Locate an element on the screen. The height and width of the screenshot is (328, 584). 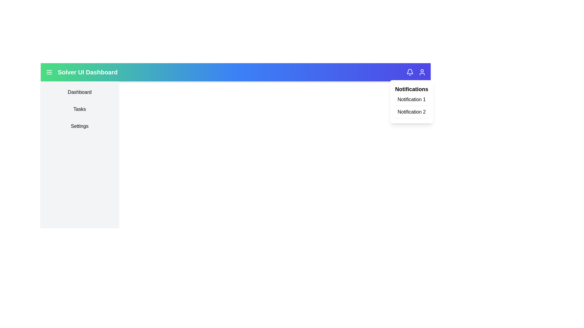
the notification panel located at the top-right portion of the interface, immediately below the user profile and notification icons is located at coordinates (412, 101).